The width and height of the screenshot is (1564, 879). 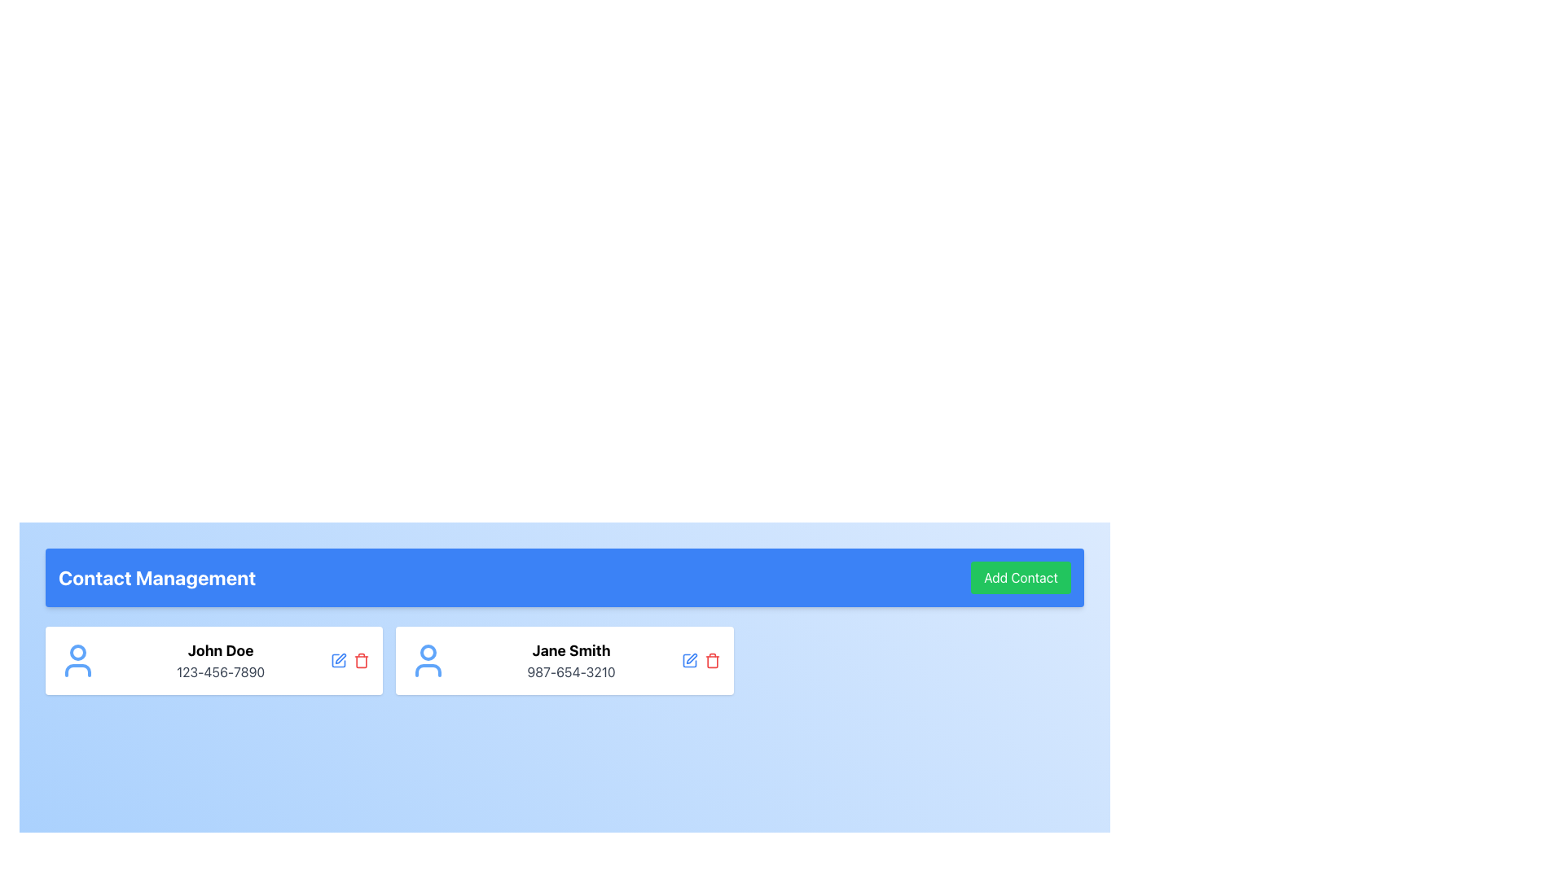 What do you see at coordinates (689, 661) in the screenshot?
I see `the icon button for editing contact details of 'Jane Smith'` at bounding box center [689, 661].